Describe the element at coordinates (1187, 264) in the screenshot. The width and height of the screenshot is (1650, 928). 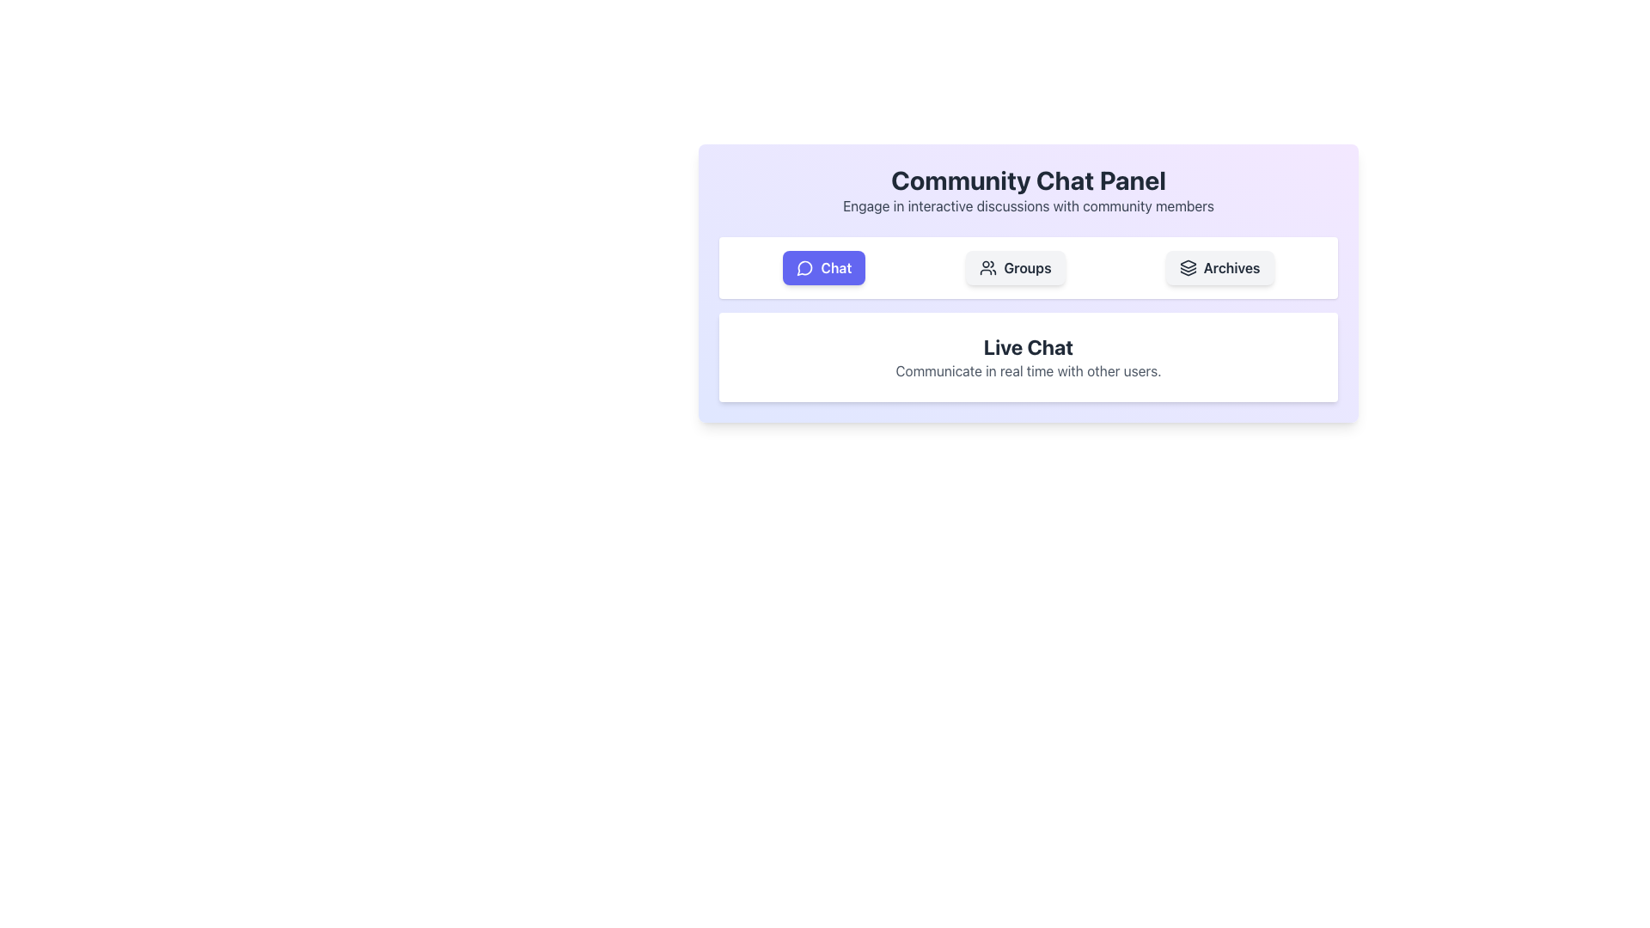
I see `the topmost layer of the stacked vector icon, representing grouped content, if interactivity is enabled` at that location.